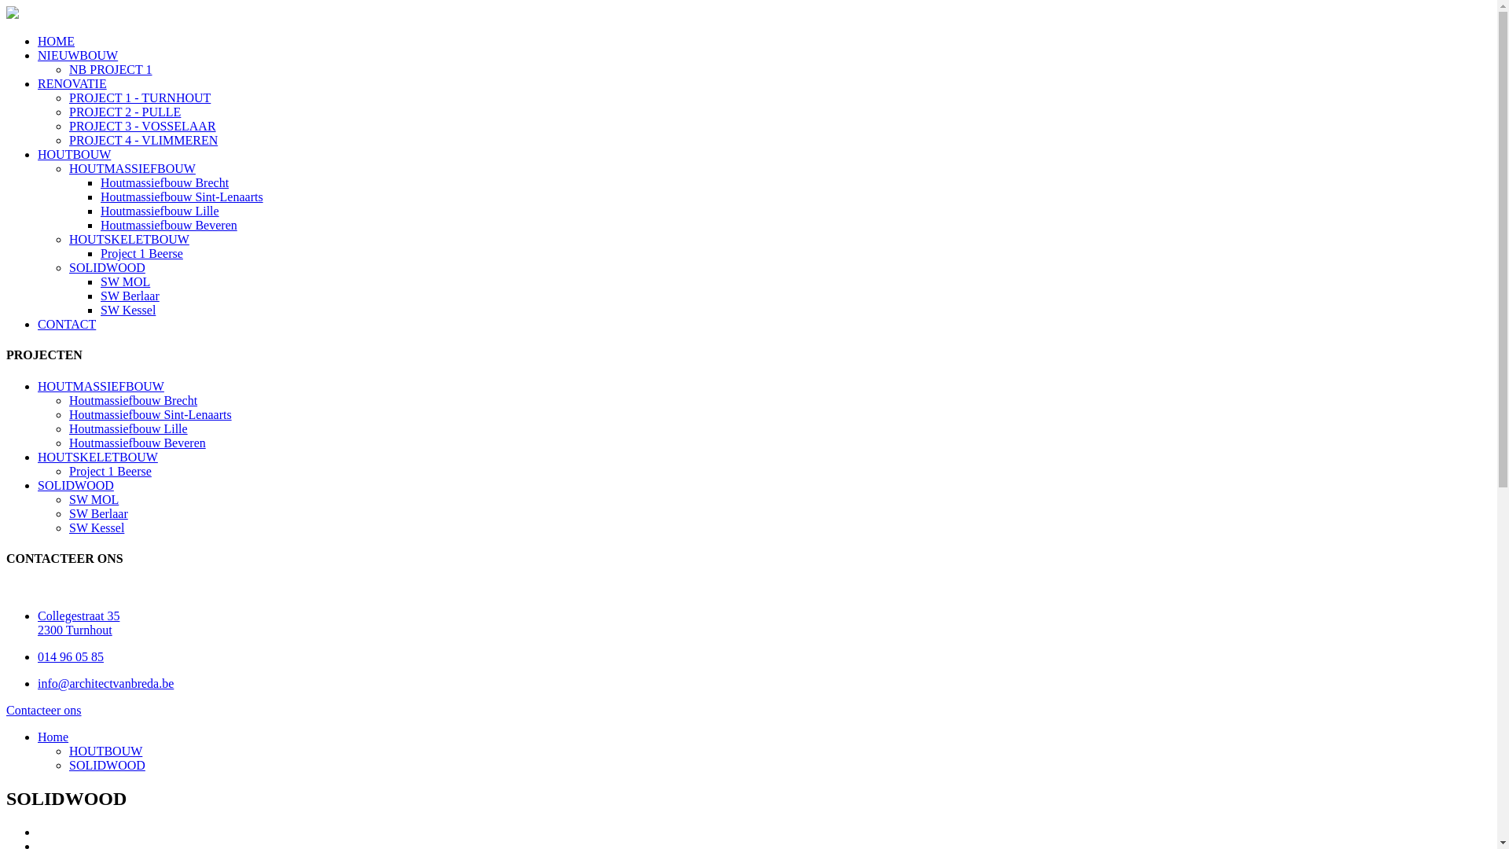  I want to click on 'CONTACT', so click(66, 323).